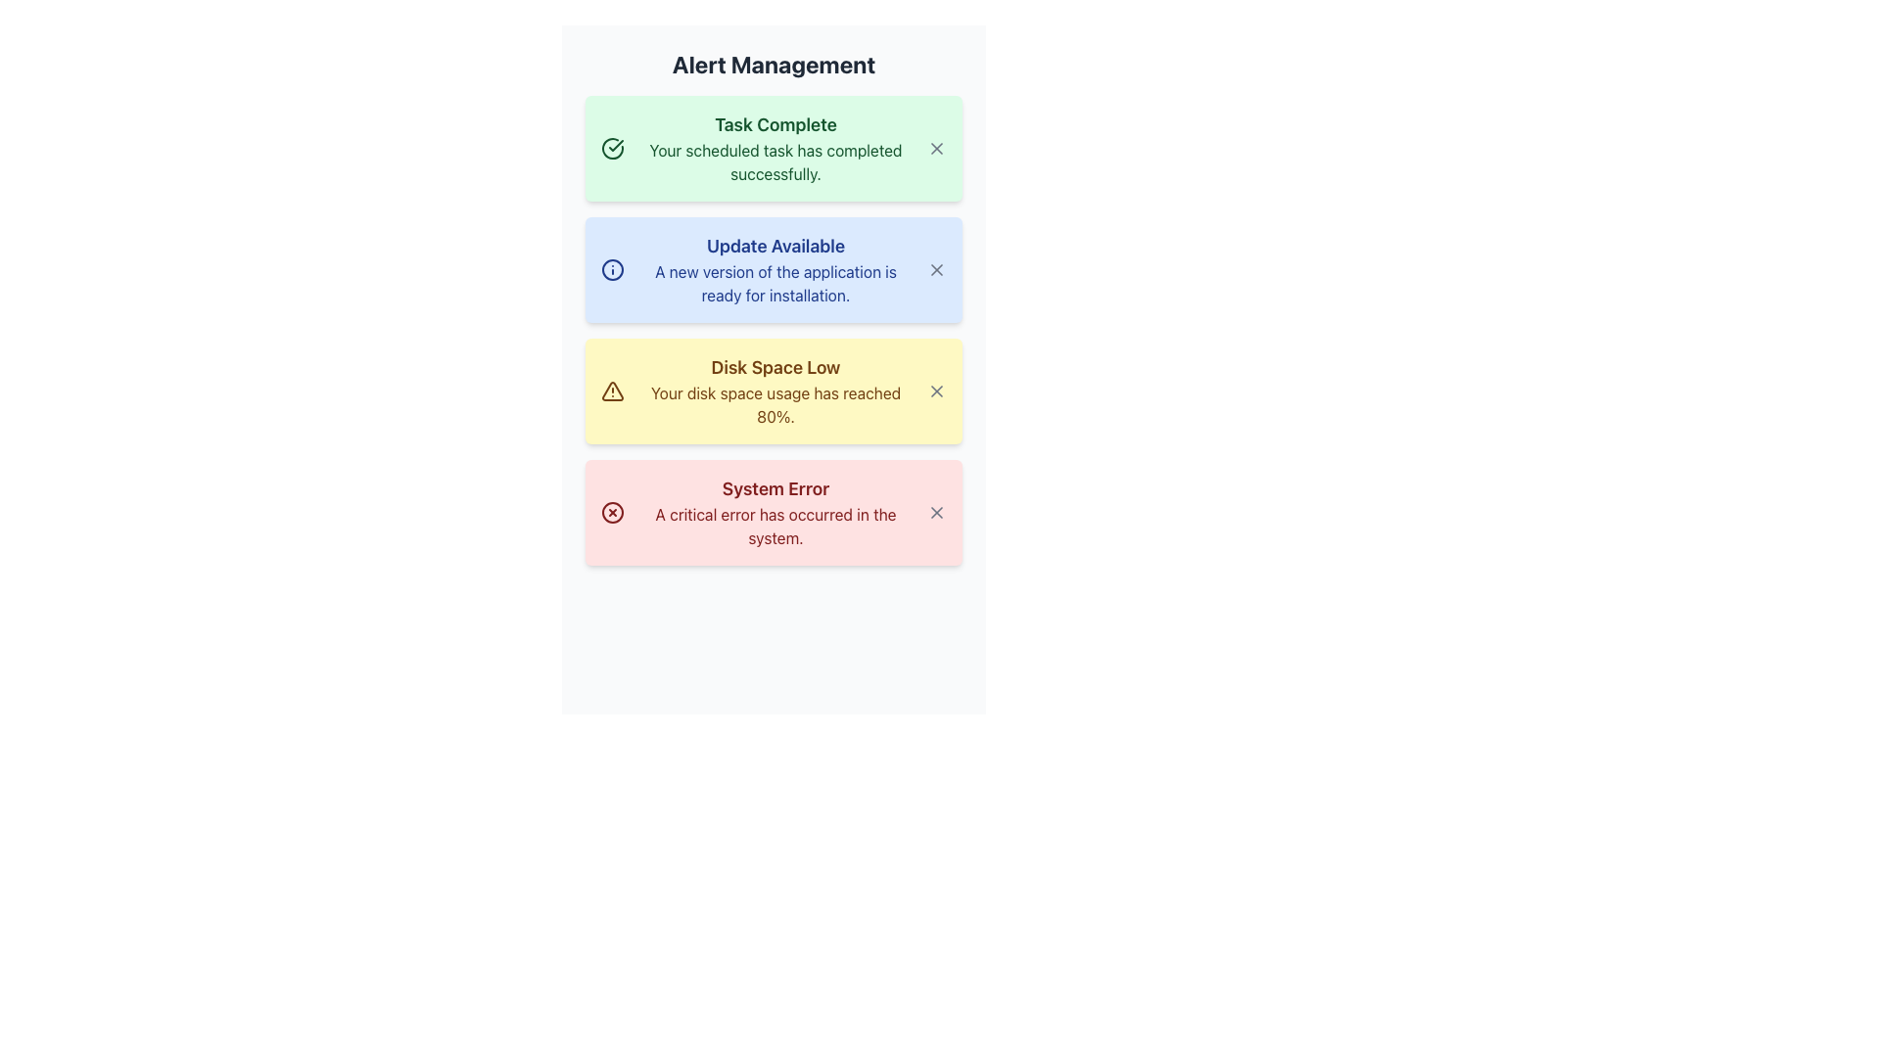  I want to click on the circular segment icon representing a checkmark within the 'Task Complete' notification box located at the left-hand side, so click(611, 147).